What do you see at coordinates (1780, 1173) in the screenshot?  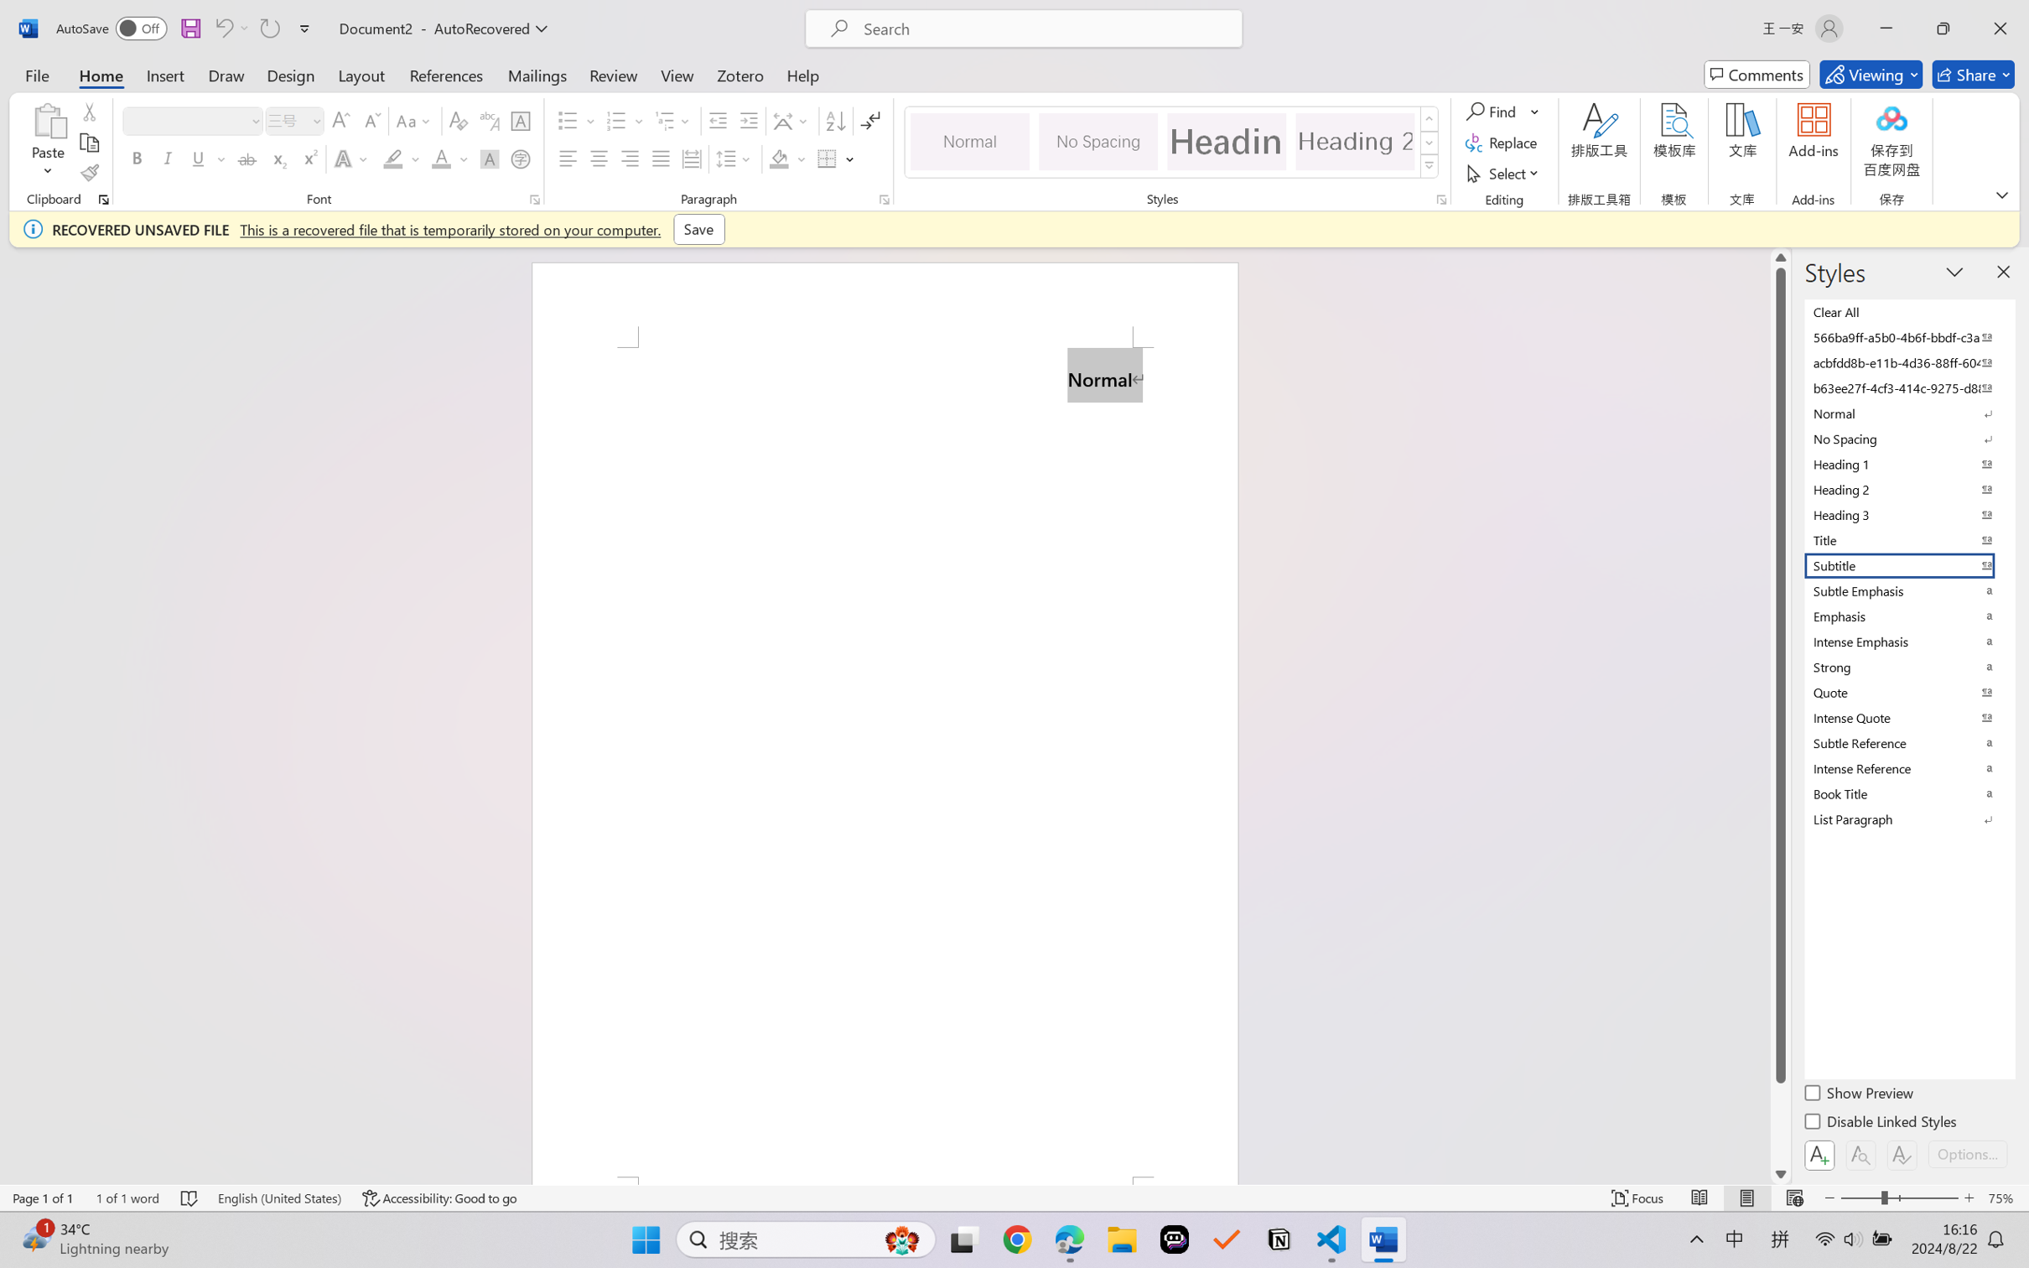 I see `'Line down'` at bounding box center [1780, 1173].